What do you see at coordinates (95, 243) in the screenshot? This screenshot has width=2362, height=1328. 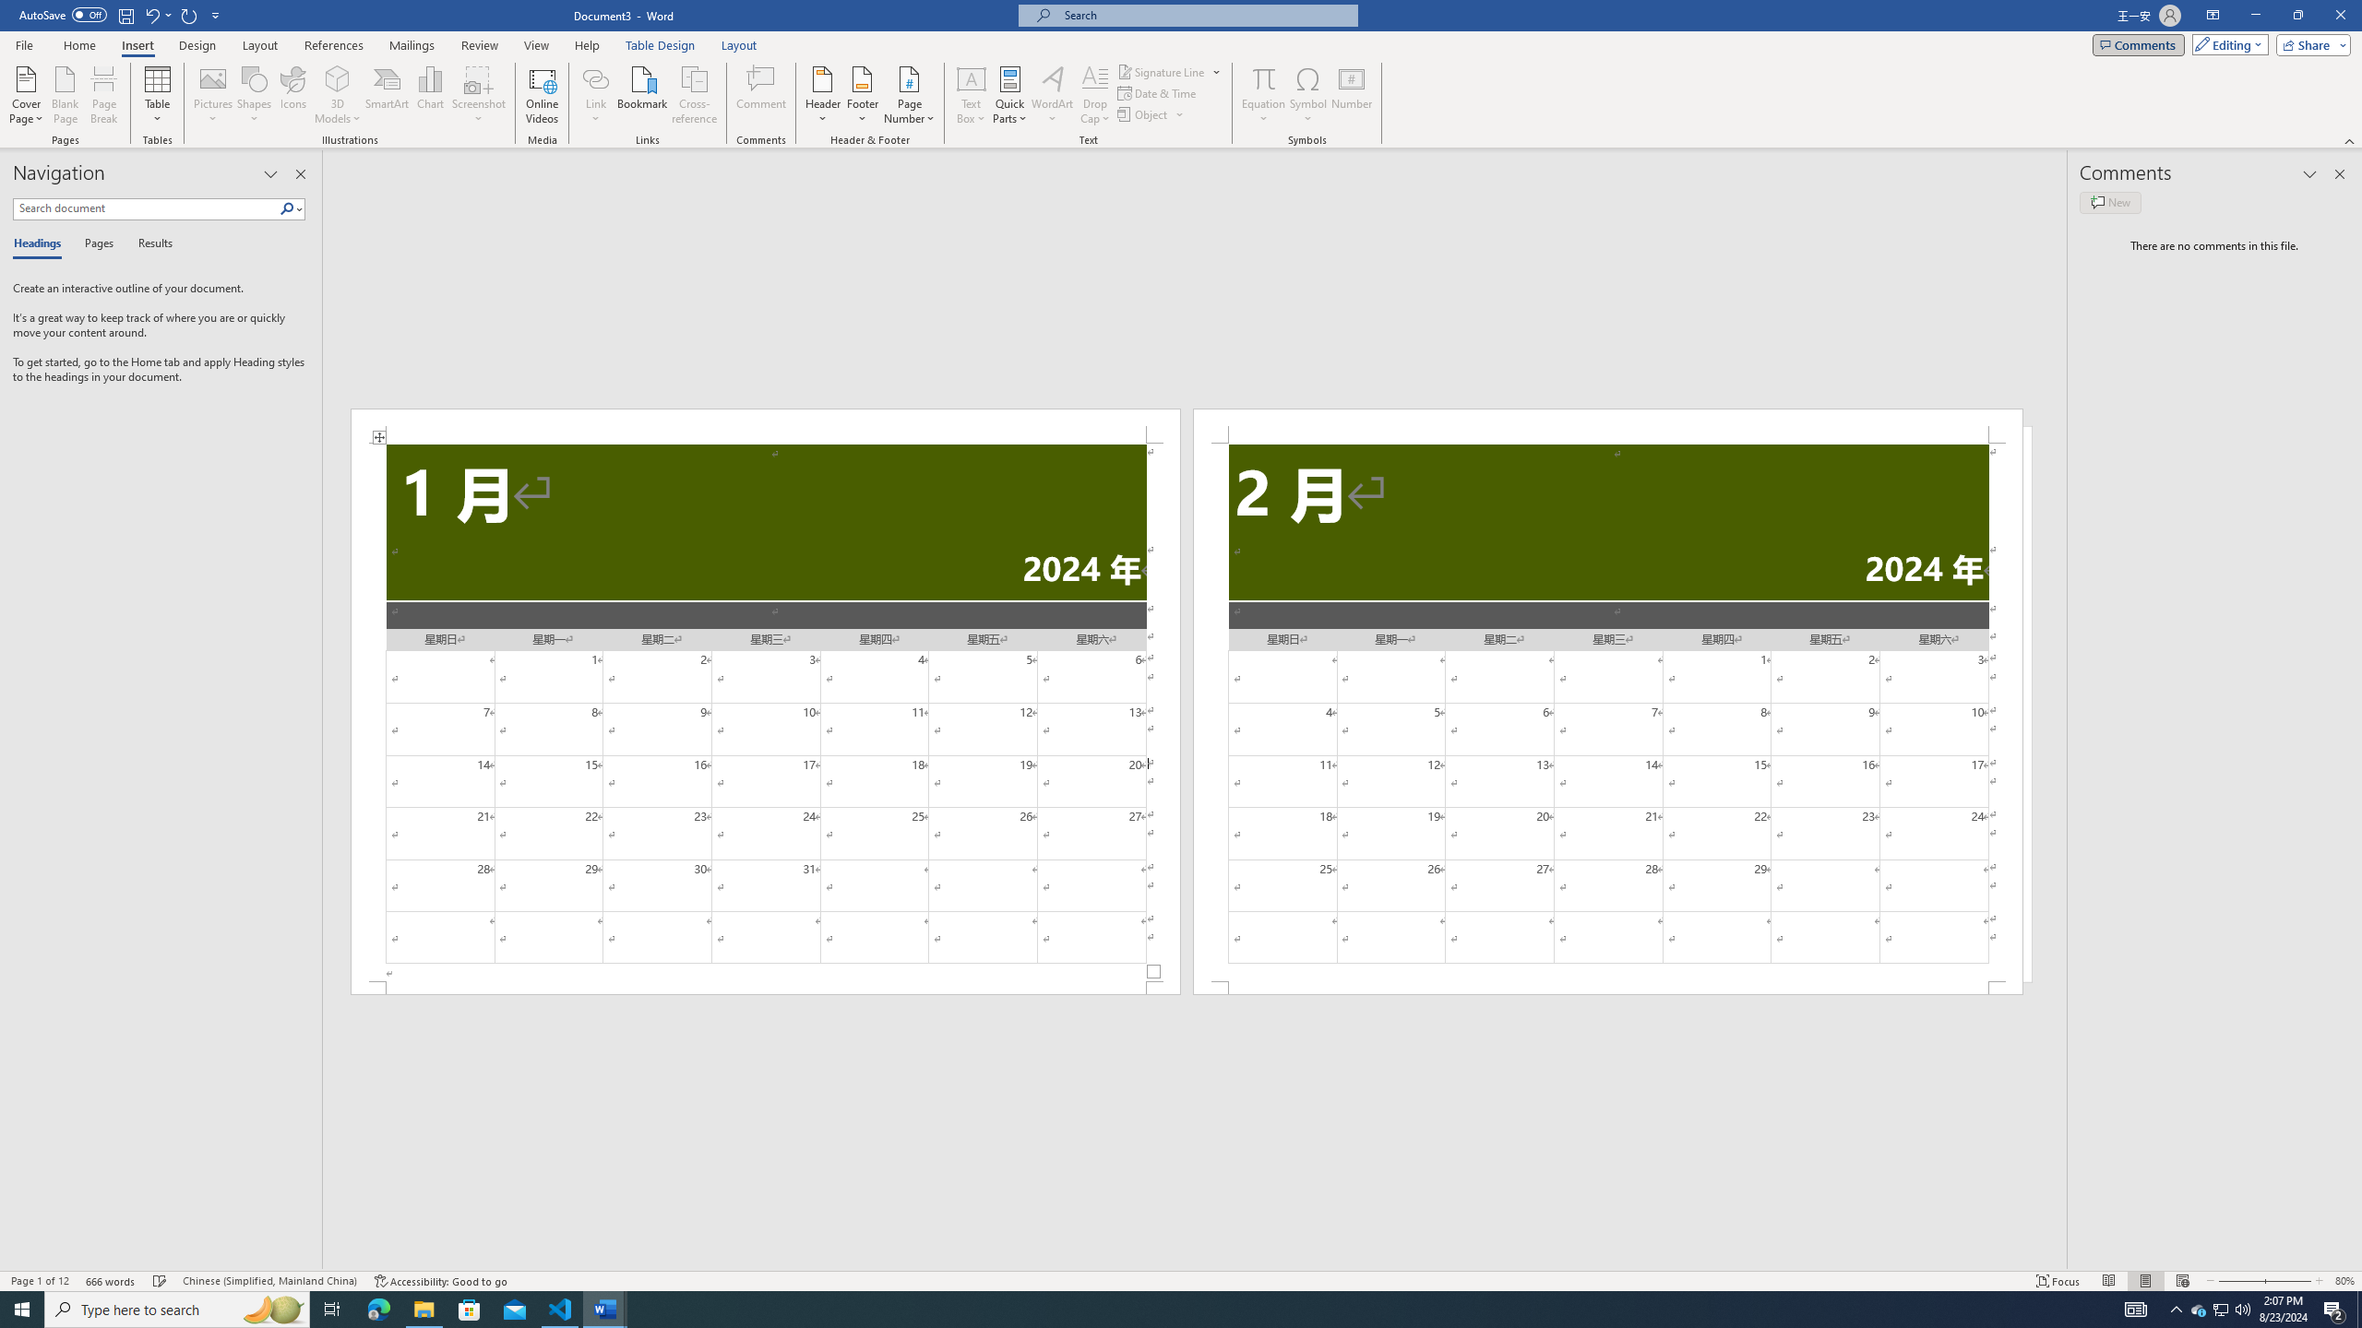 I see `'Pages'` at bounding box center [95, 243].